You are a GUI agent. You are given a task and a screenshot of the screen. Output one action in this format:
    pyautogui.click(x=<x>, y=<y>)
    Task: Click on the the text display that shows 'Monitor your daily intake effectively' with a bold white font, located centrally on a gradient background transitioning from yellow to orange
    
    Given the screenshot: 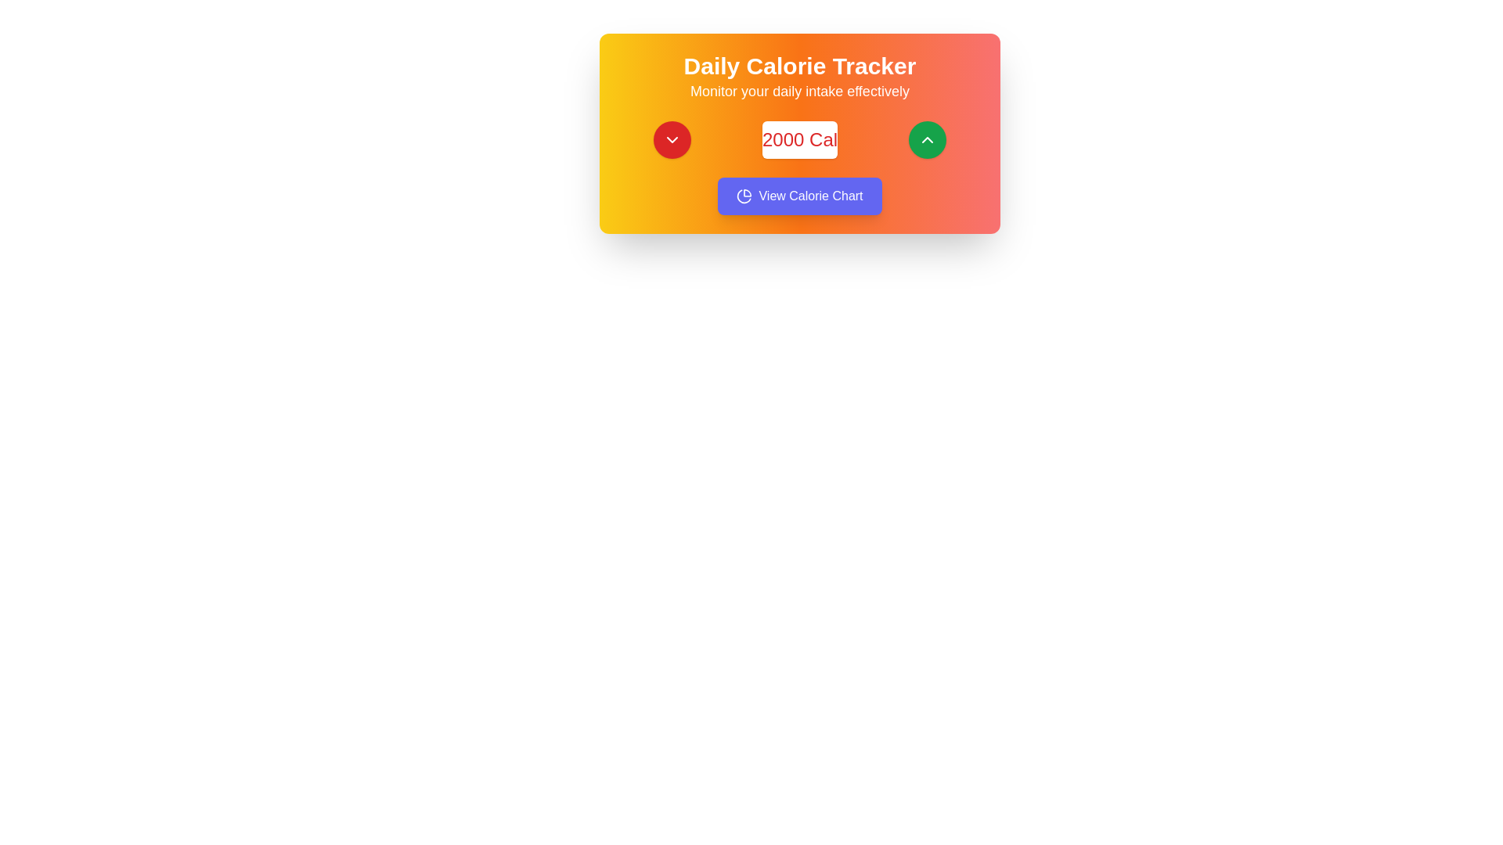 What is the action you would take?
    pyautogui.click(x=800, y=91)
    